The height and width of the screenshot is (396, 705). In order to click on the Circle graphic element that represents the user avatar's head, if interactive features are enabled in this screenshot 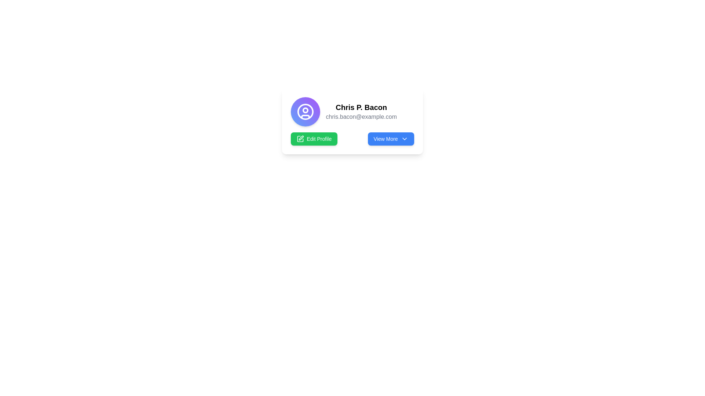, I will do `click(305, 110)`.